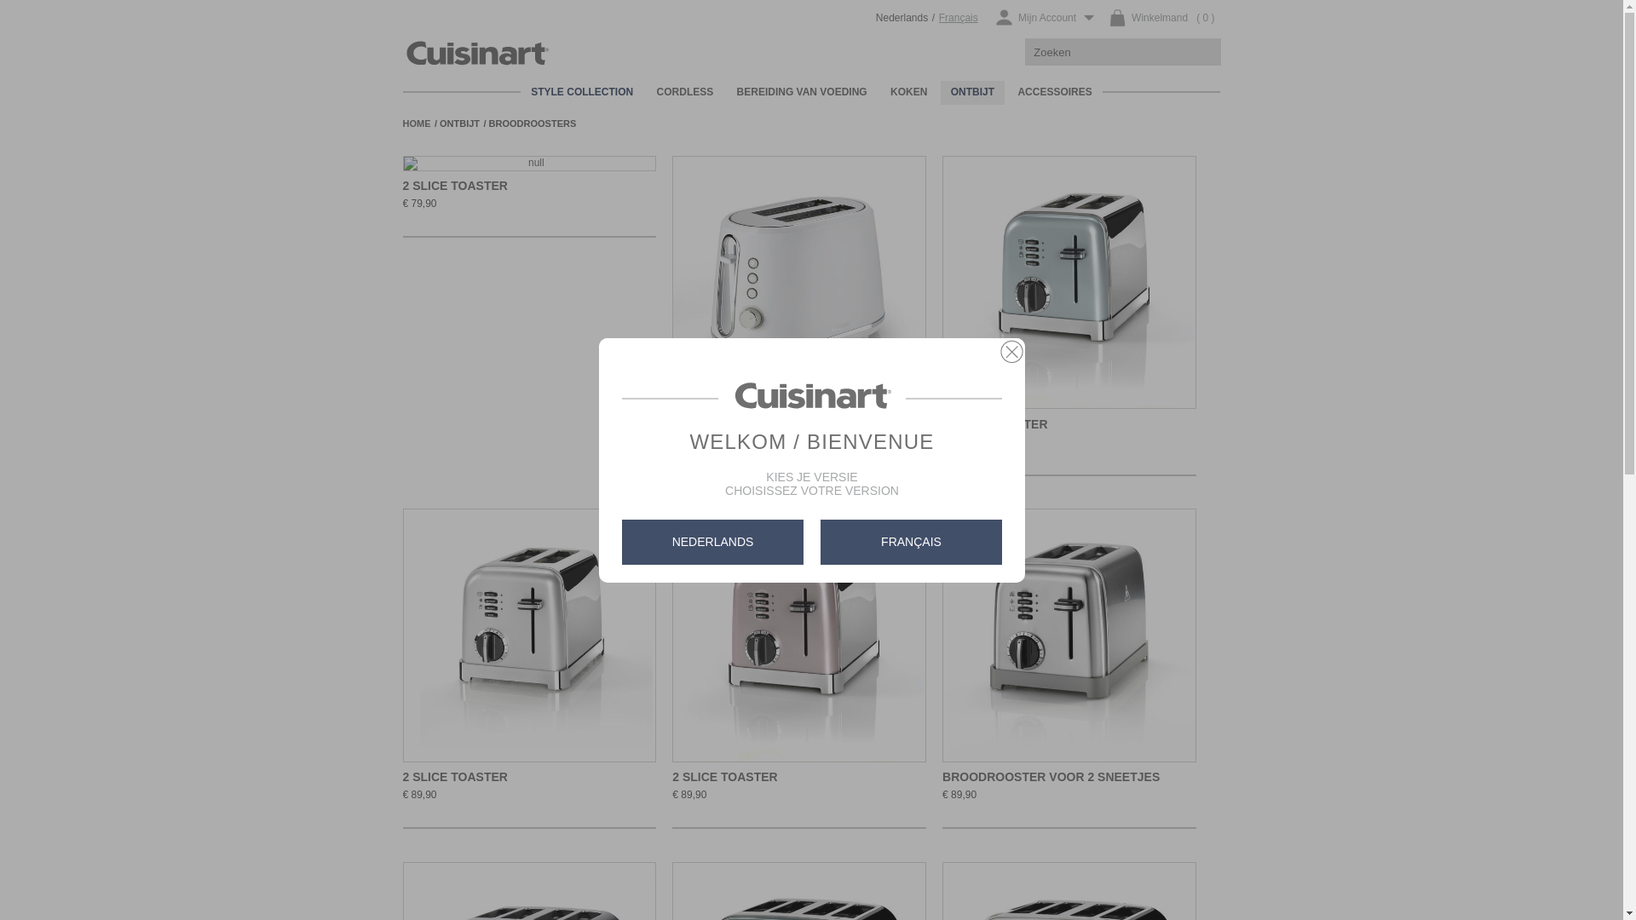 The height and width of the screenshot is (920, 1636). Describe the element at coordinates (418, 123) in the screenshot. I see `'HOME'` at that location.